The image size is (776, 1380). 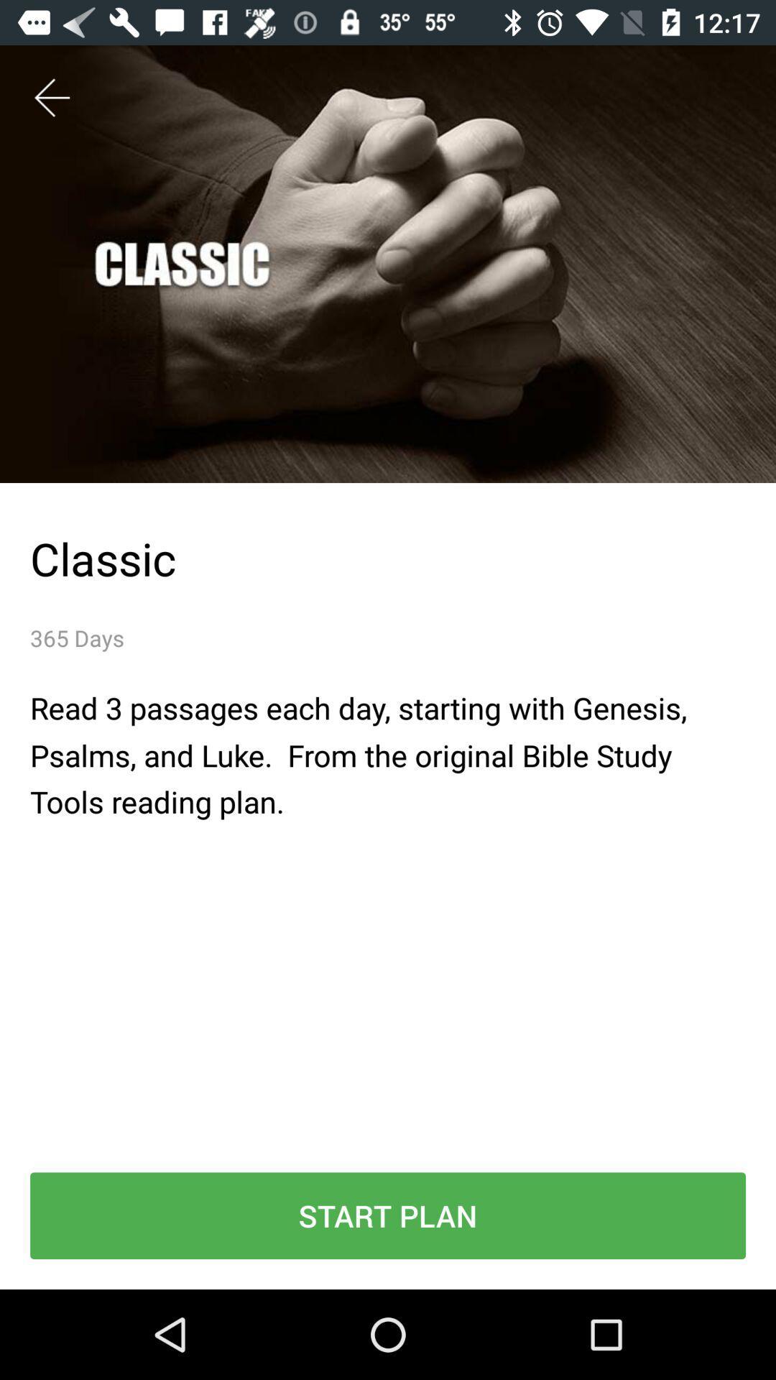 I want to click on start plan item, so click(x=388, y=1215).